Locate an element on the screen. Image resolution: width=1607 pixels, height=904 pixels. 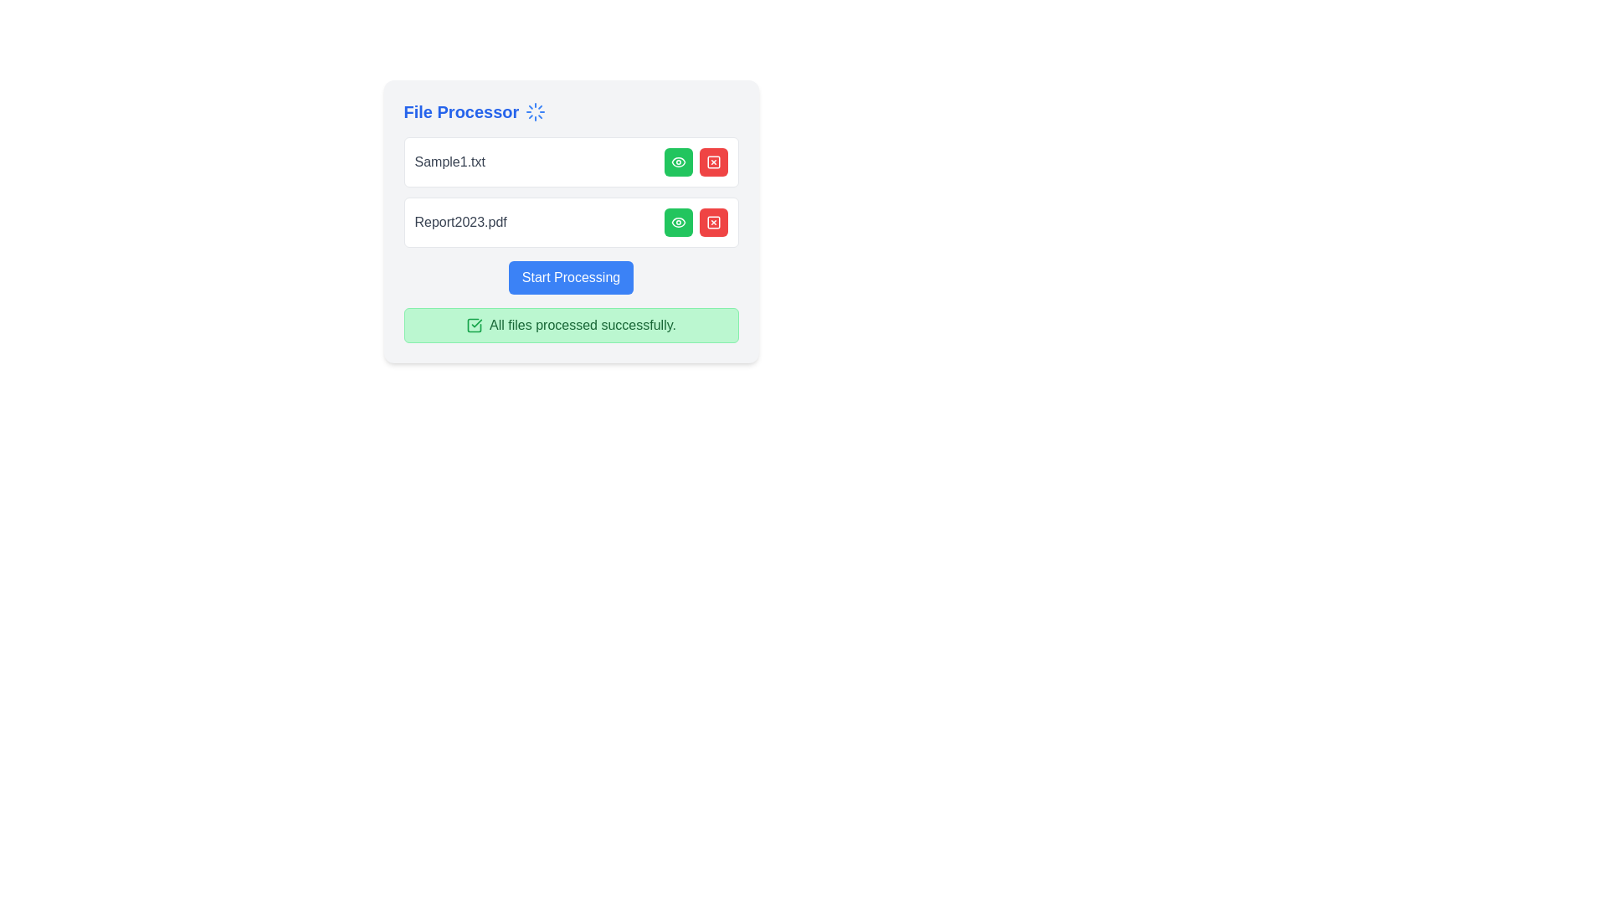
the green button with a centered eye icon on the right side of the list item row labeled 'Report2023.pdf' is located at coordinates (678, 222).